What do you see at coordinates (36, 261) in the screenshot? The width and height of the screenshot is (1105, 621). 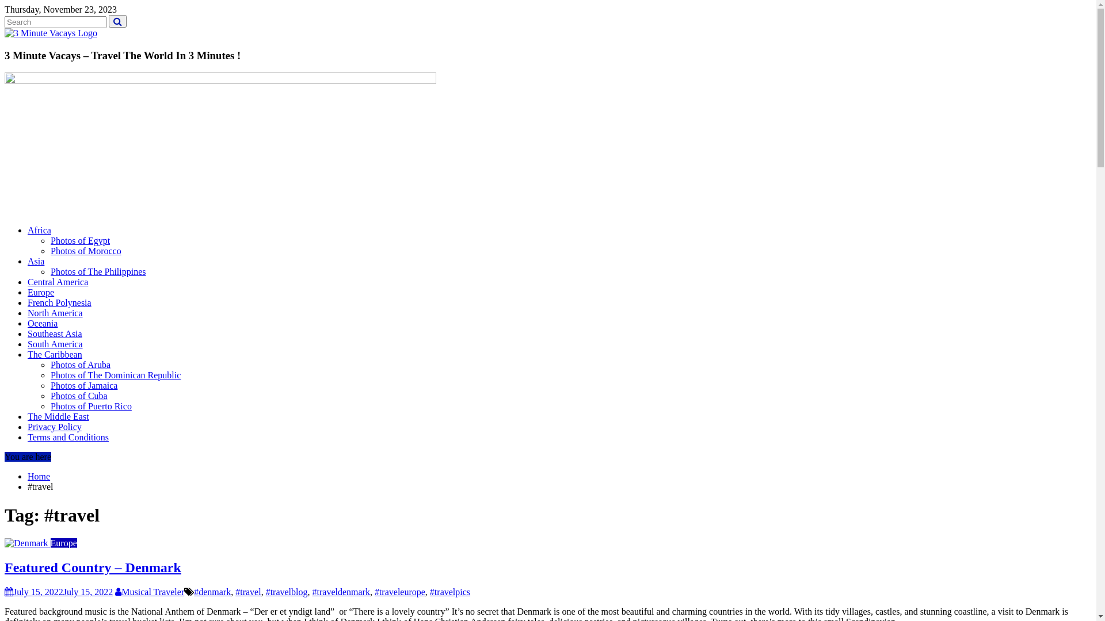 I see `'Asia'` at bounding box center [36, 261].